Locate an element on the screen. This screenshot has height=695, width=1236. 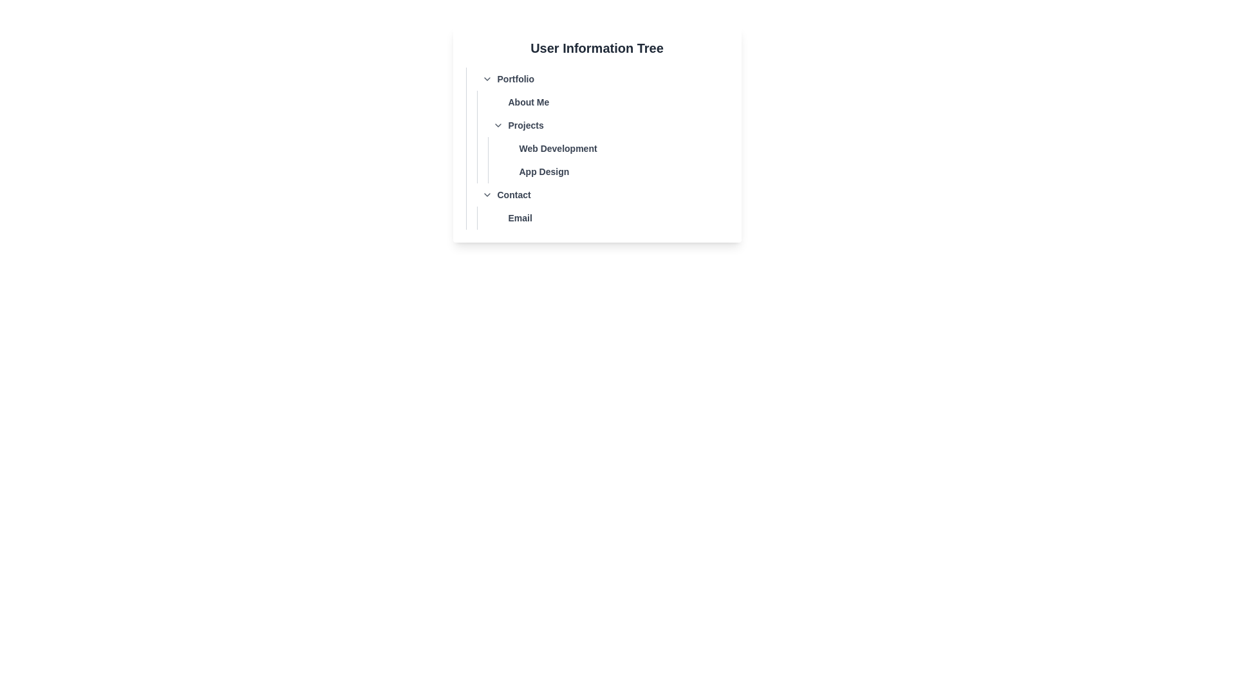
the 'Projects' text label, which is a bold gray menu item in the user information tree interface, to interact with the menu it represents is located at coordinates (526, 125).